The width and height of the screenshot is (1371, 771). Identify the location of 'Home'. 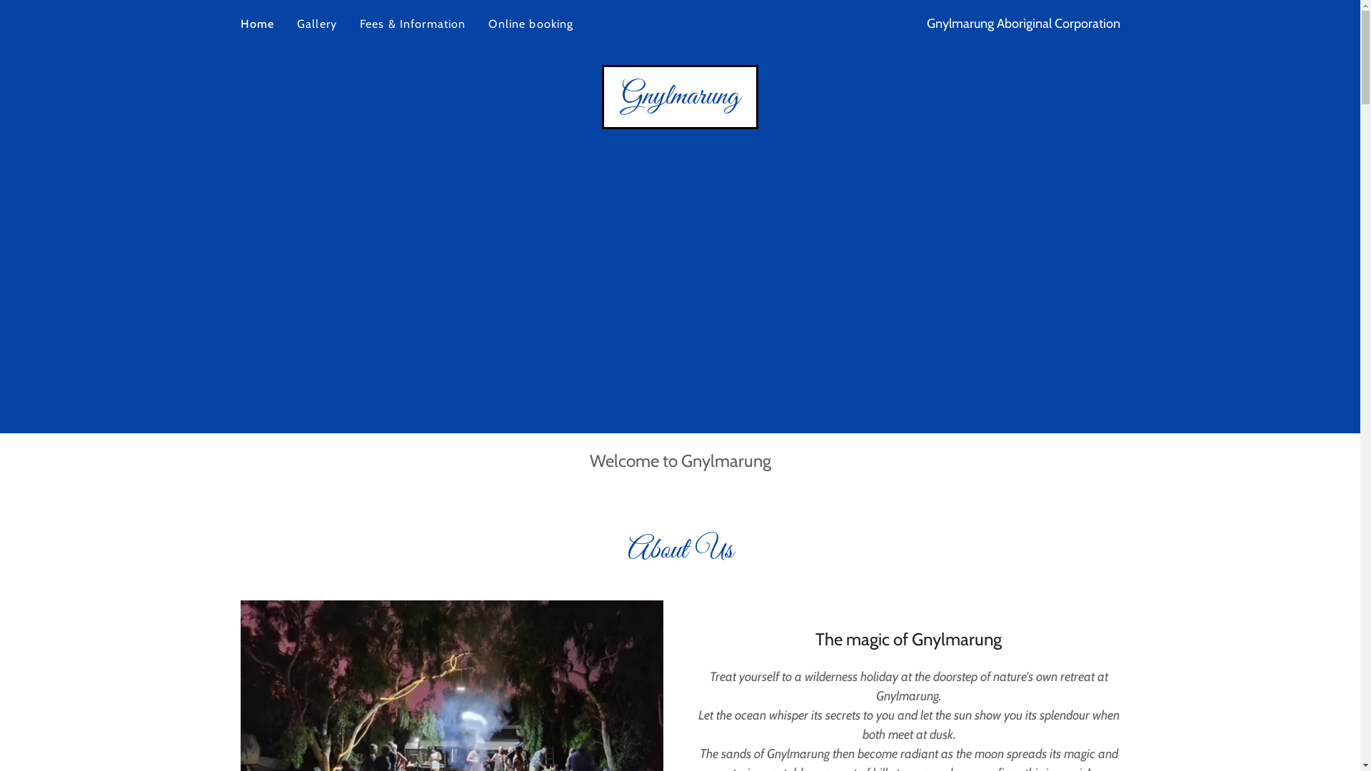
(257, 24).